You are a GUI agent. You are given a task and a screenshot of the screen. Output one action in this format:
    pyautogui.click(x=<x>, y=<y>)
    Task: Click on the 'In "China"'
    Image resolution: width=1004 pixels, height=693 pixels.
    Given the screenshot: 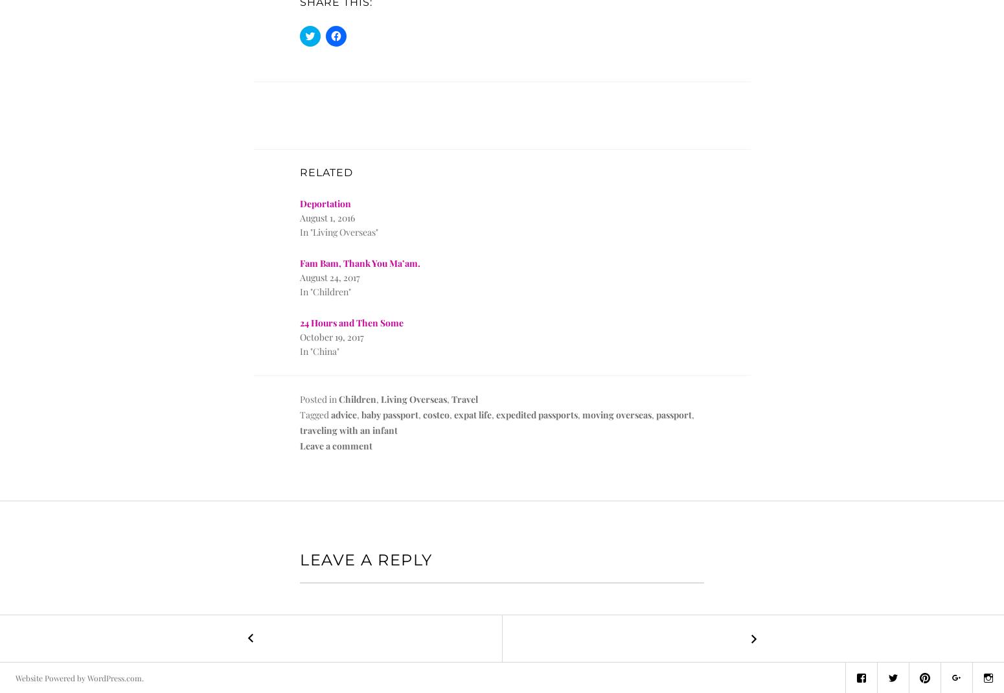 What is the action you would take?
    pyautogui.click(x=319, y=350)
    